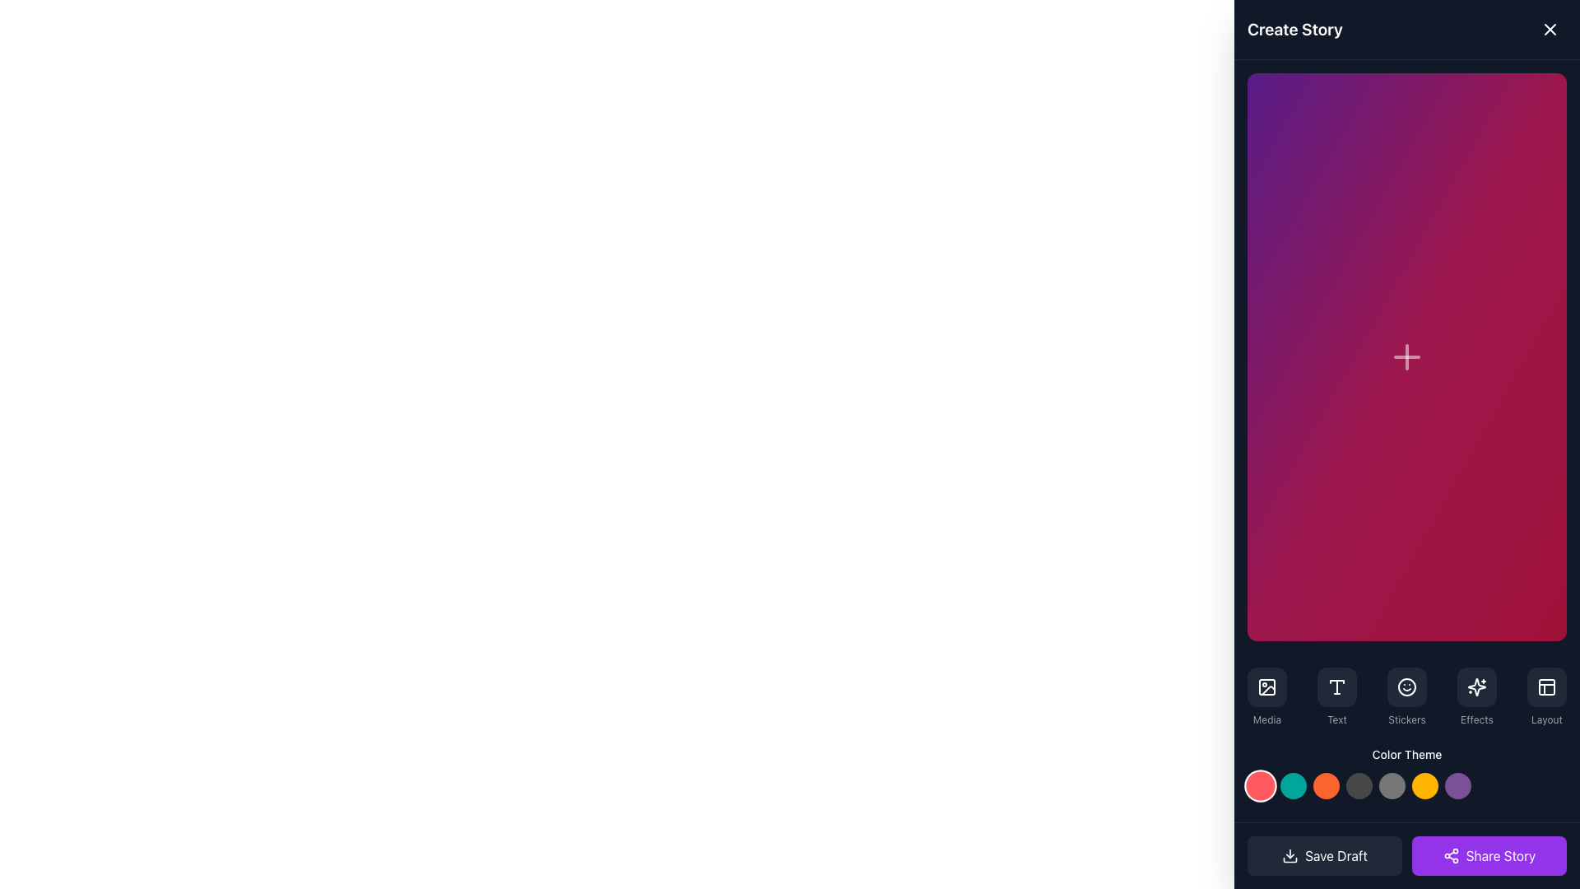  Describe the element at coordinates (1406, 771) in the screenshot. I see `the 'Color Theme' label text` at that location.